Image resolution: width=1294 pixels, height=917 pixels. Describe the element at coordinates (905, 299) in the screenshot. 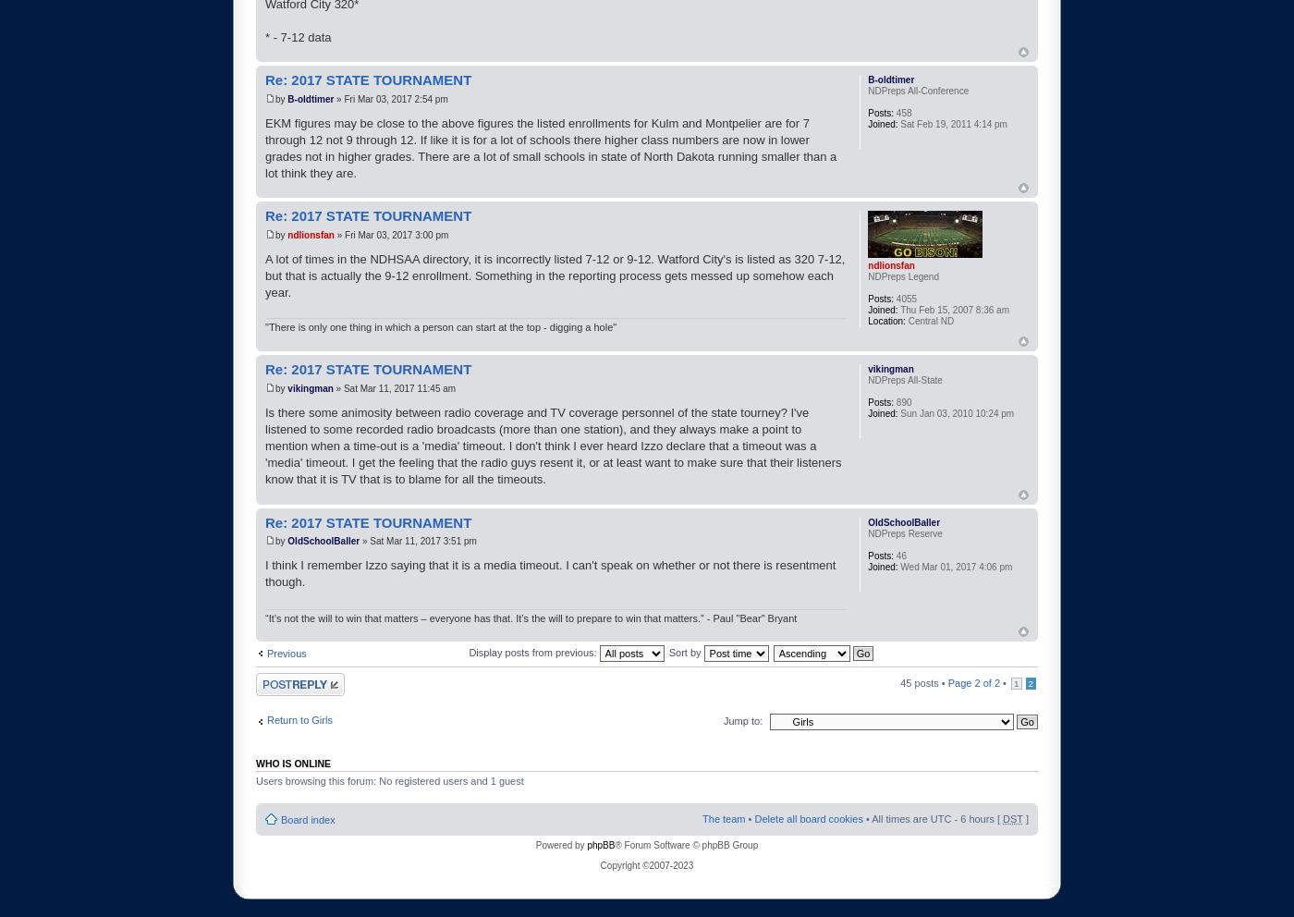

I see `'4055'` at that location.